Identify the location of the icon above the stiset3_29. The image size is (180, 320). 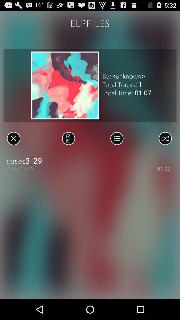
(68, 138).